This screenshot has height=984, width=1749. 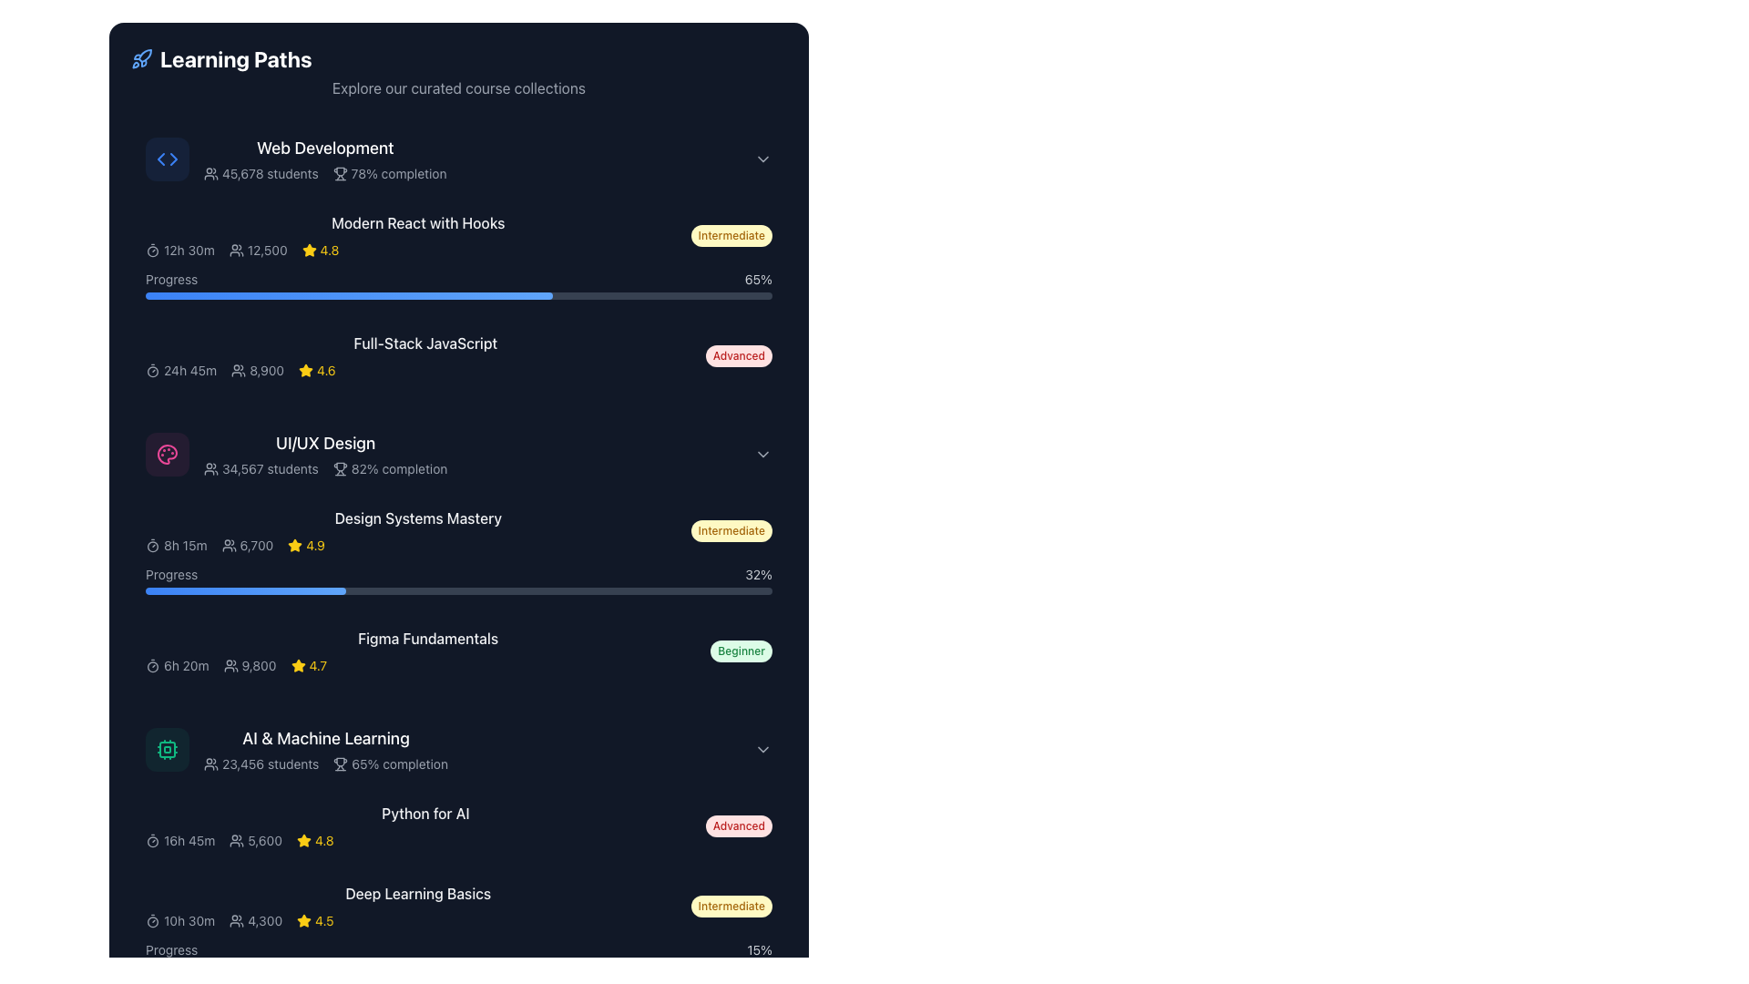 What do you see at coordinates (314, 840) in the screenshot?
I see `the numerical text displaying the average user rating for the 'Python for AI' course, which is part of the Rating display component located in the AI & Machine Learning section` at bounding box center [314, 840].